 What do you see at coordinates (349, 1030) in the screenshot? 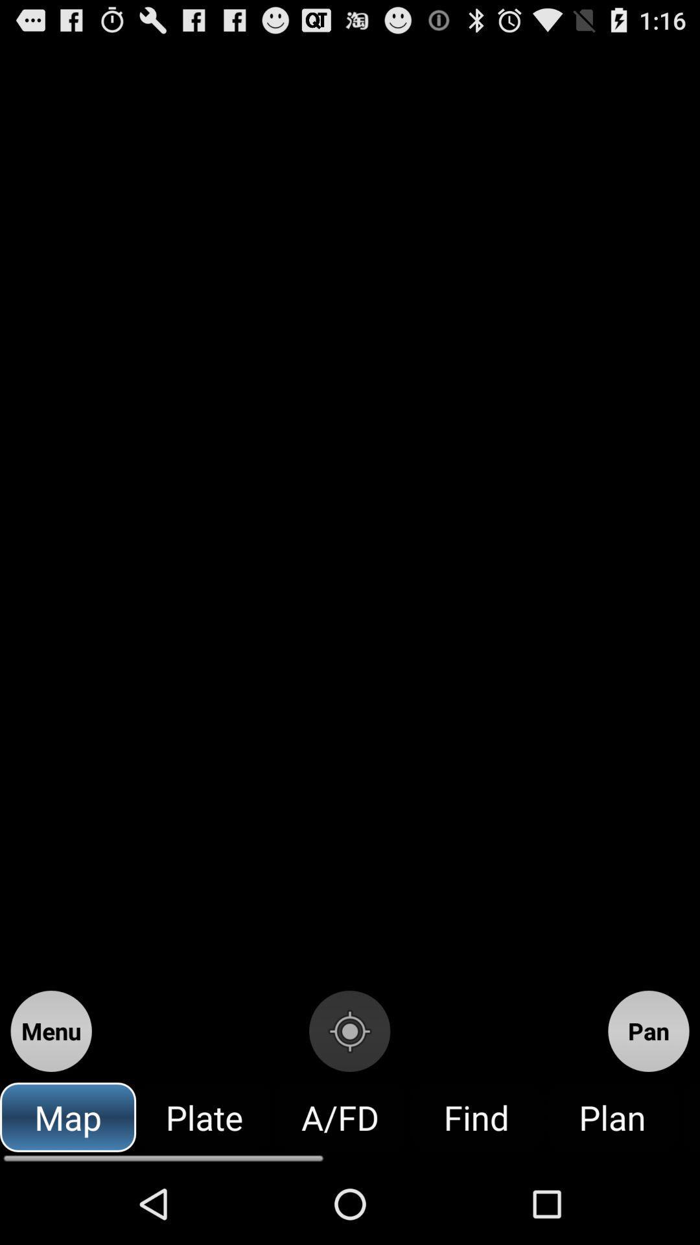
I see `click location` at bounding box center [349, 1030].